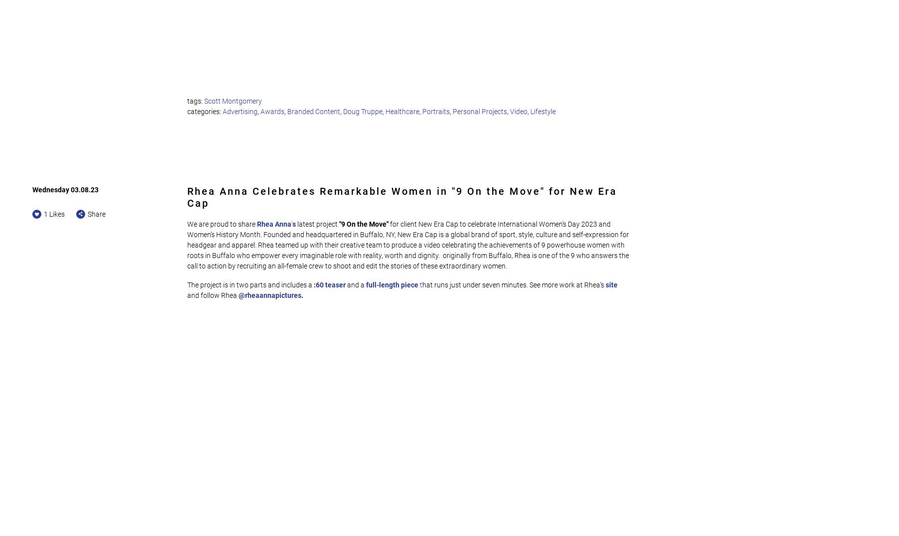  What do you see at coordinates (362, 110) in the screenshot?
I see `'Doug Truppe'` at bounding box center [362, 110].